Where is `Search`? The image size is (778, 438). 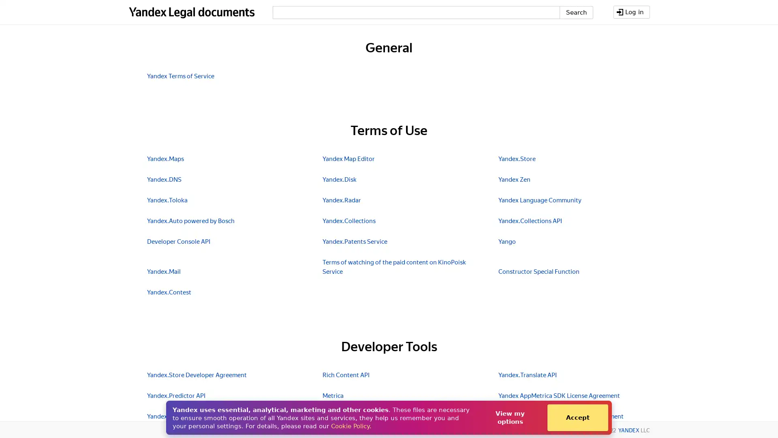
Search is located at coordinates (575, 12).